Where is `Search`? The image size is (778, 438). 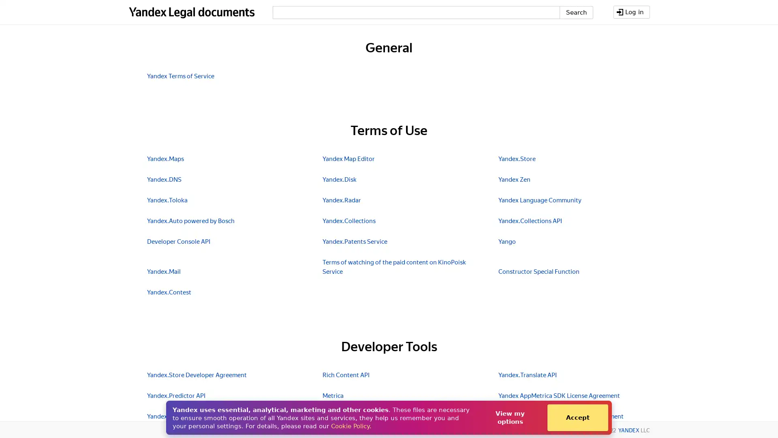
Search is located at coordinates (575, 12).